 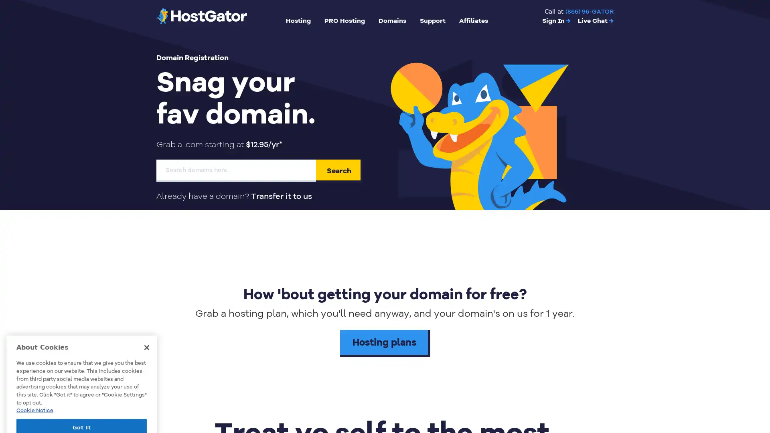 What do you see at coordinates (264, 144) in the screenshot?
I see `$12.95/yr*` at bounding box center [264, 144].